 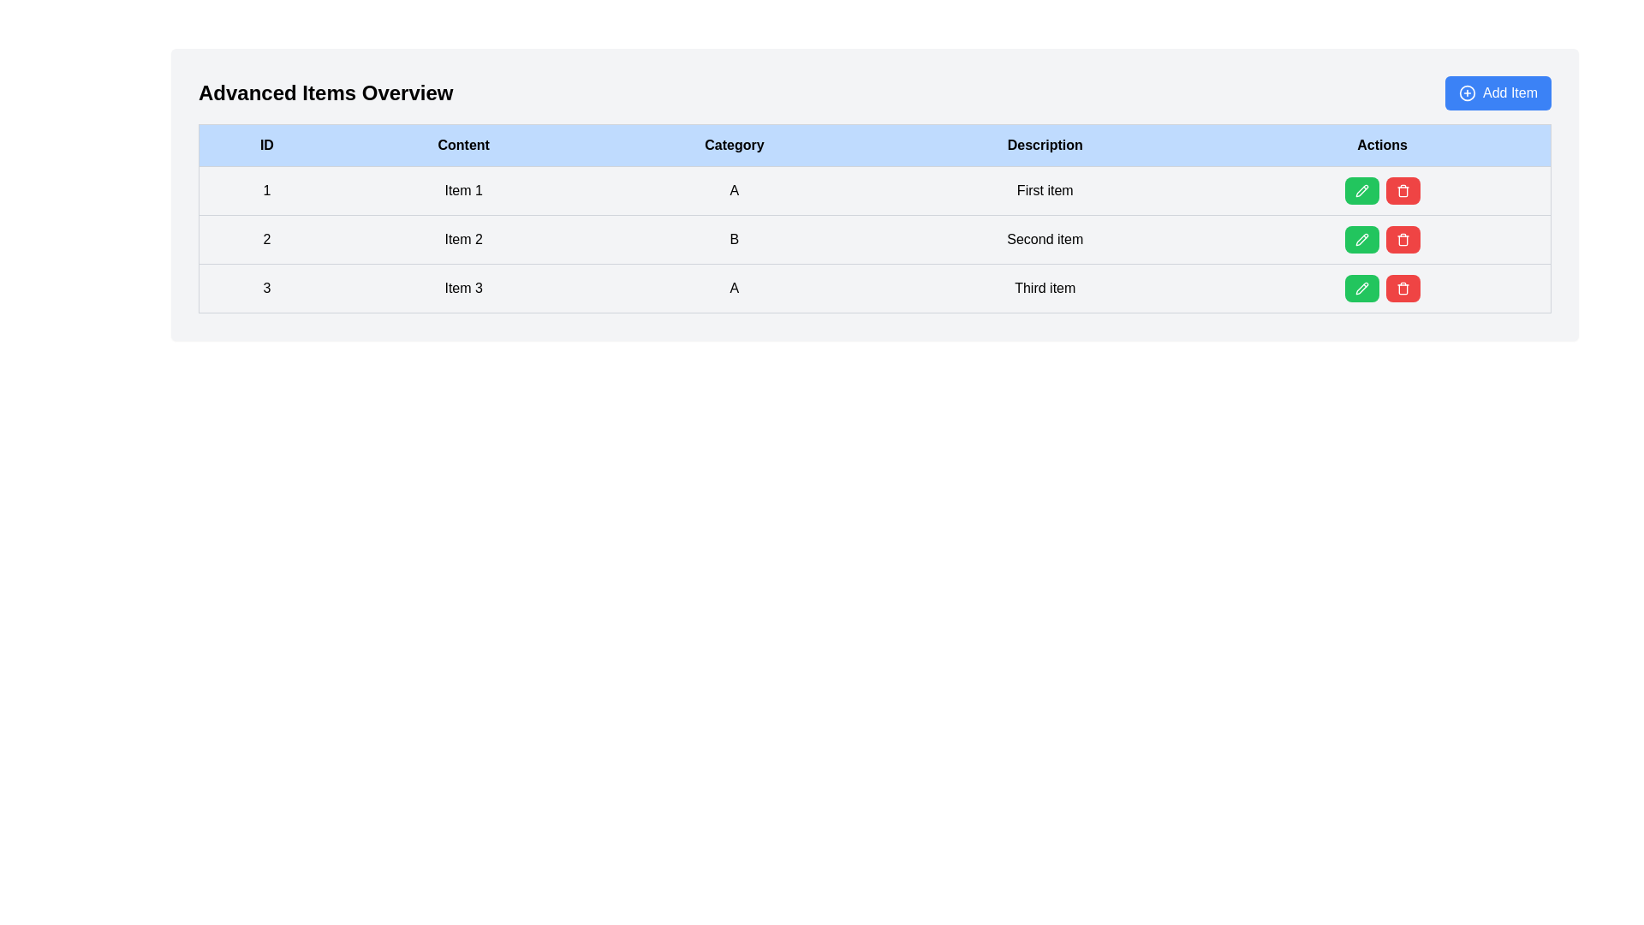 What do you see at coordinates (1361, 191) in the screenshot?
I see `the green button with white text and a pencil icon located in the 'Actions' column of the first row of a table` at bounding box center [1361, 191].